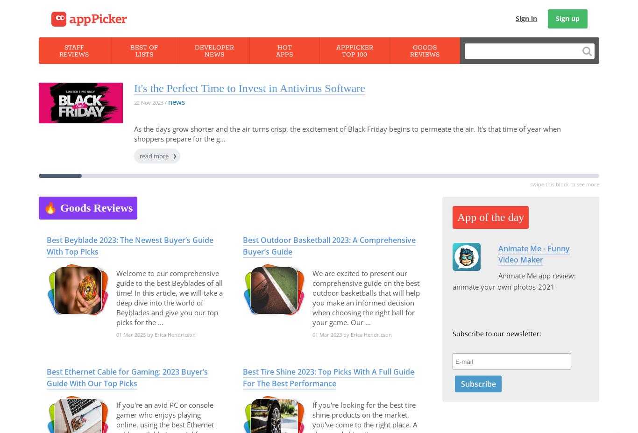 The image size is (638, 433). I want to click on 'Lists', so click(144, 54).